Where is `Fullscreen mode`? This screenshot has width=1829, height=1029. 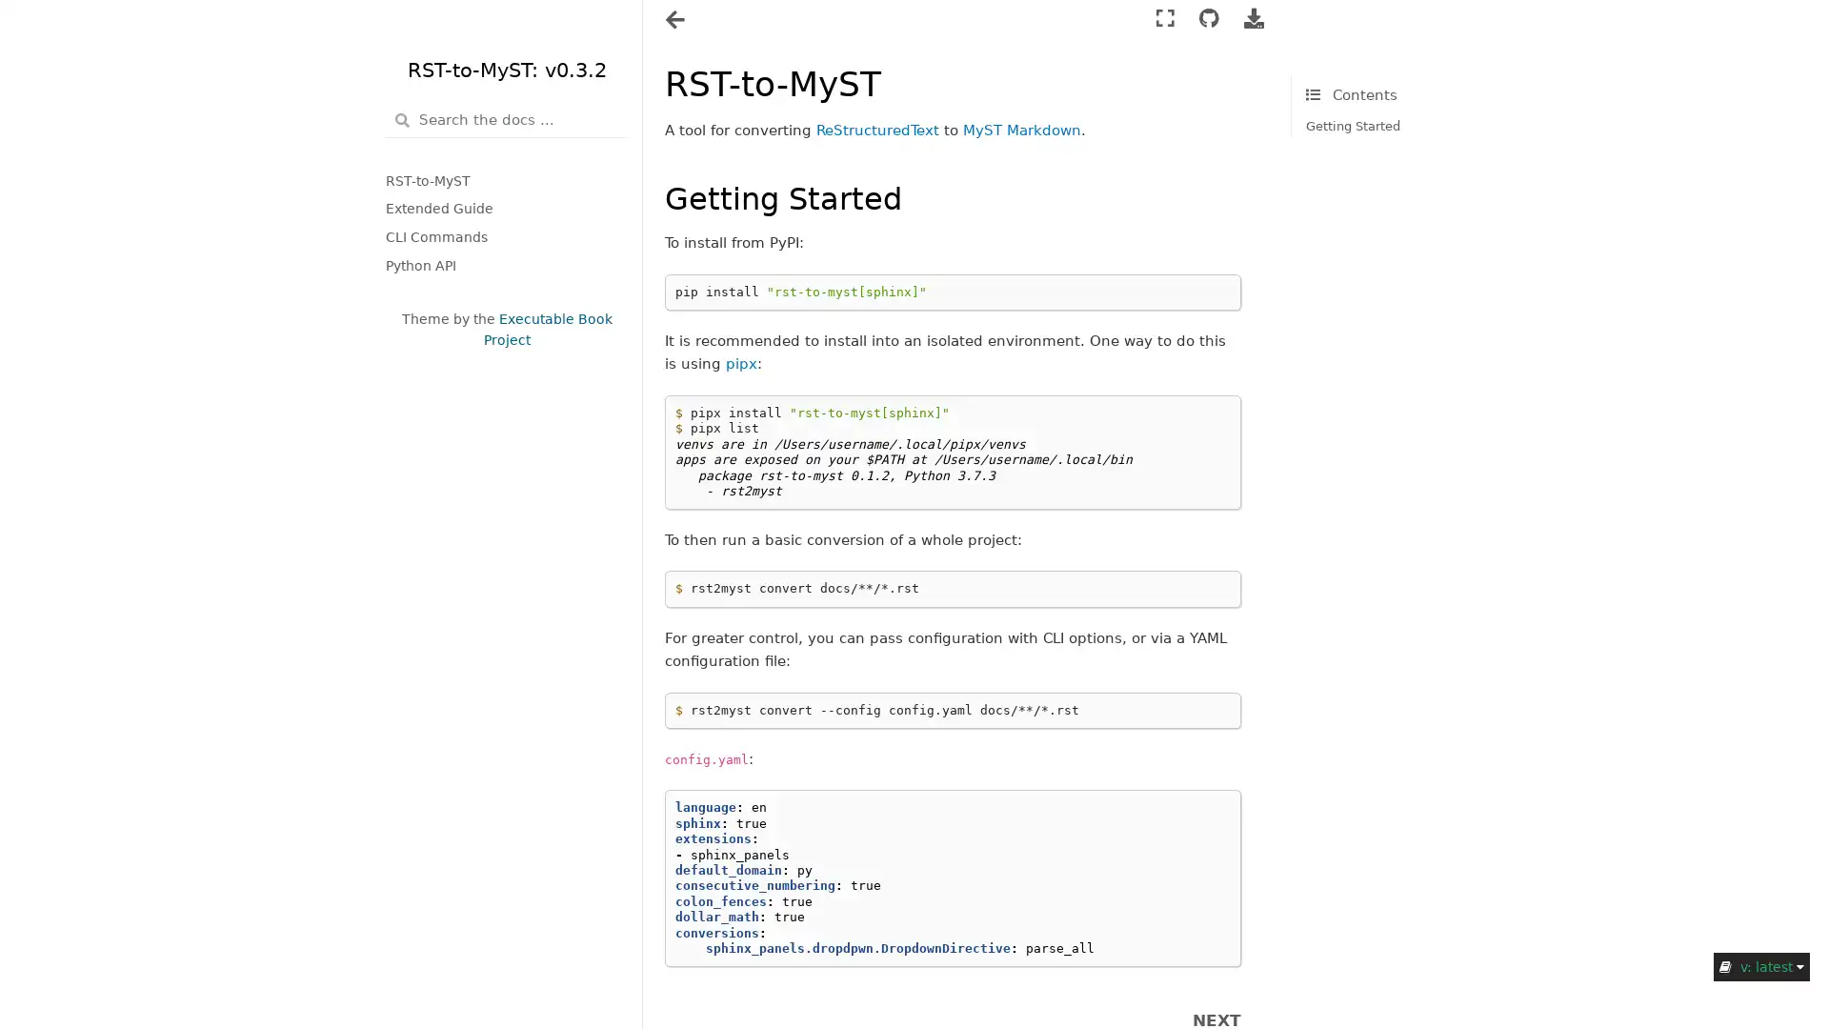
Fullscreen mode is located at coordinates (1164, 19).